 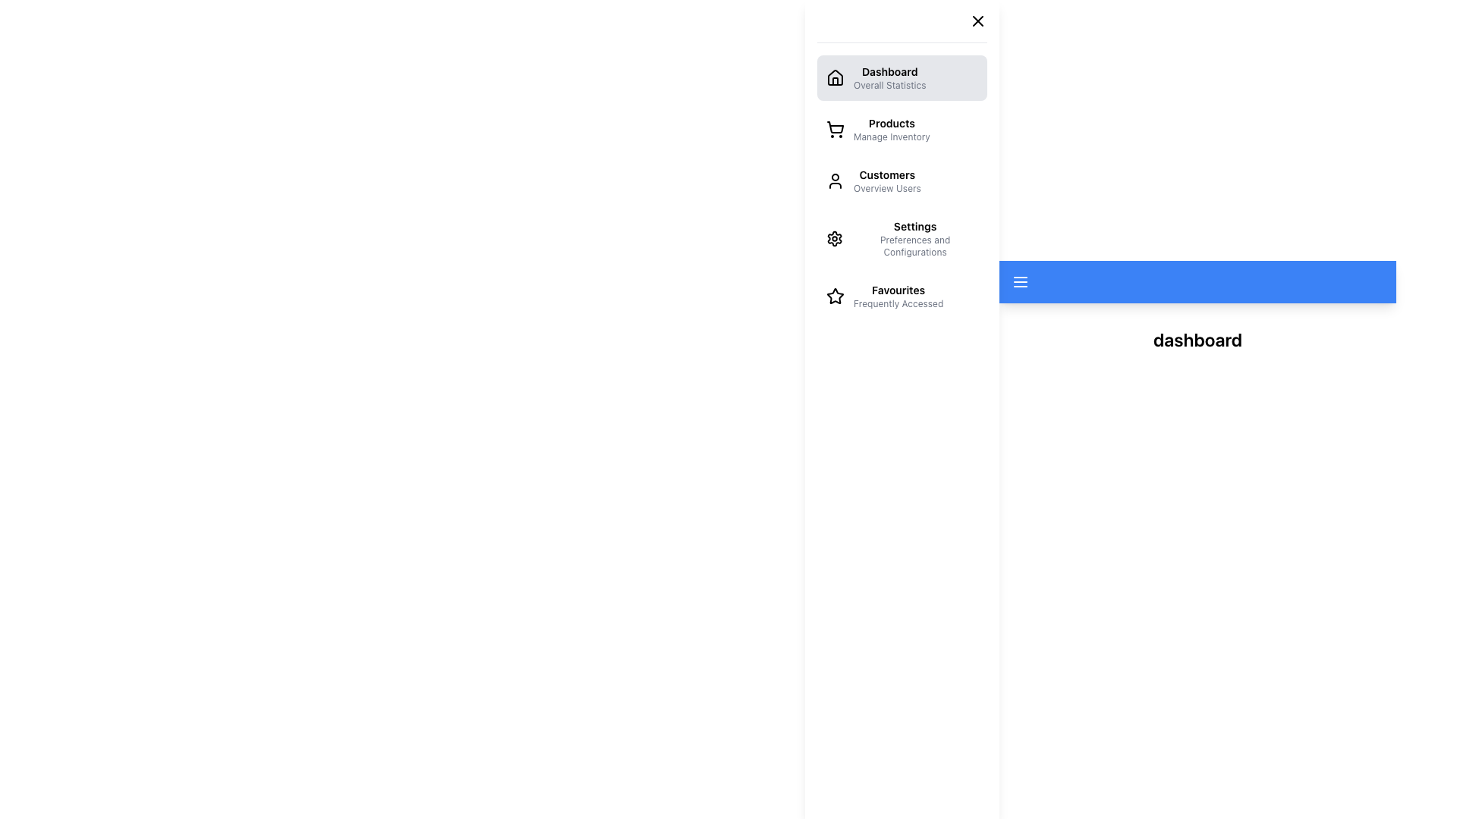 What do you see at coordinates (898, 304) in the screenshot?
I see `the static text label element displaying 'Frequently Accessed', which is located directly below the 'Favourites' label in the navigation menu` at bounding box center [898, 304].